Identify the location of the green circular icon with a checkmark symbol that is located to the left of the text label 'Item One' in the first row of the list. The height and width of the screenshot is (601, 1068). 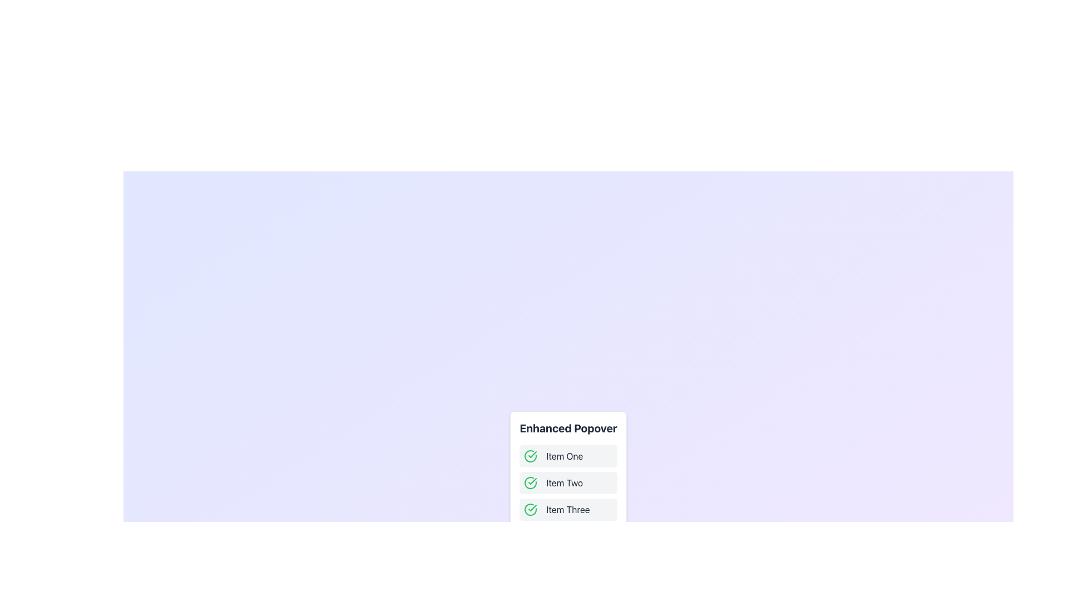
(530, 456).